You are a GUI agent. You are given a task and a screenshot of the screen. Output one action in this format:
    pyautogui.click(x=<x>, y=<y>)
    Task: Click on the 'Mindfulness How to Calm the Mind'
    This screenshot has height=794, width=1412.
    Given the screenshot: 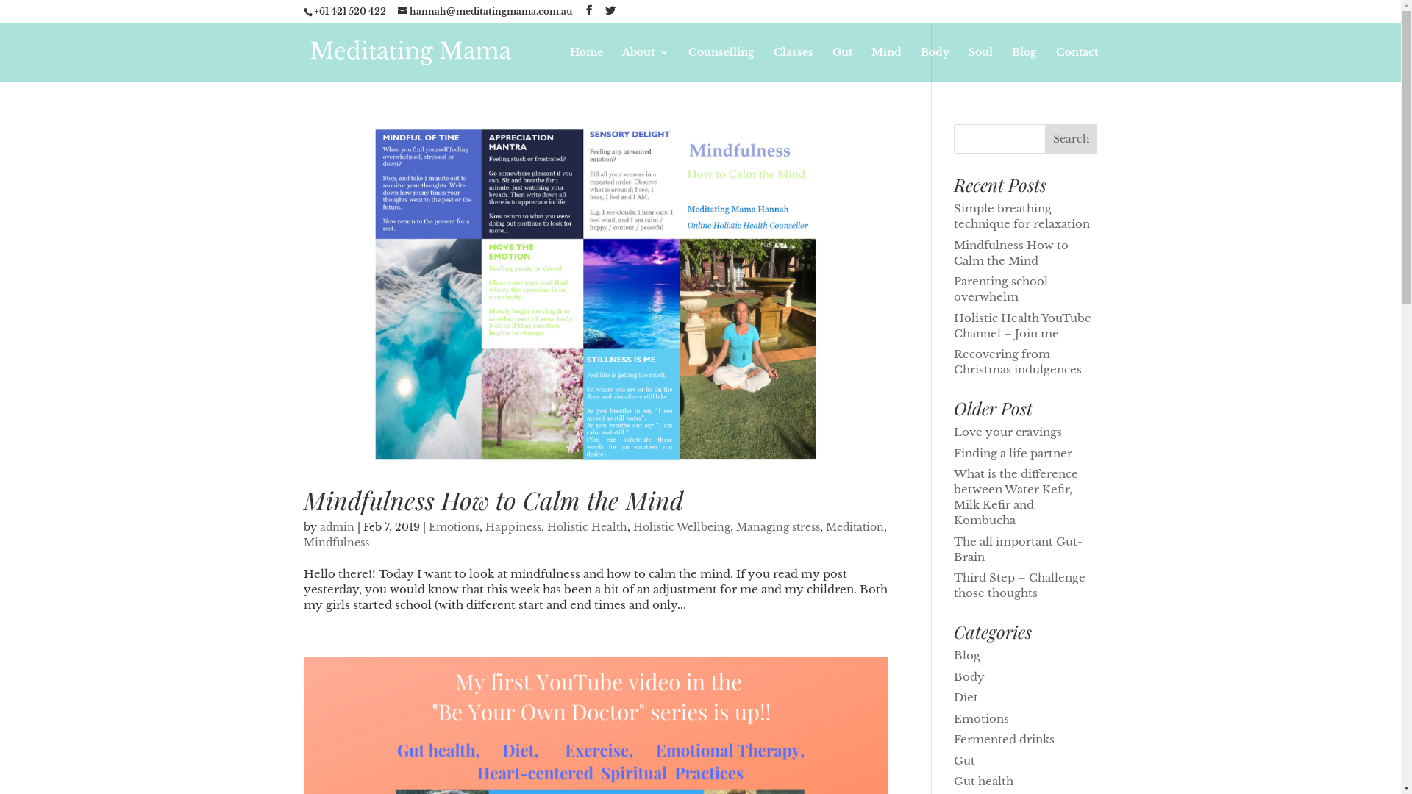 What is the action you would take?
    pyautogui.click(x=493, y=498)
    